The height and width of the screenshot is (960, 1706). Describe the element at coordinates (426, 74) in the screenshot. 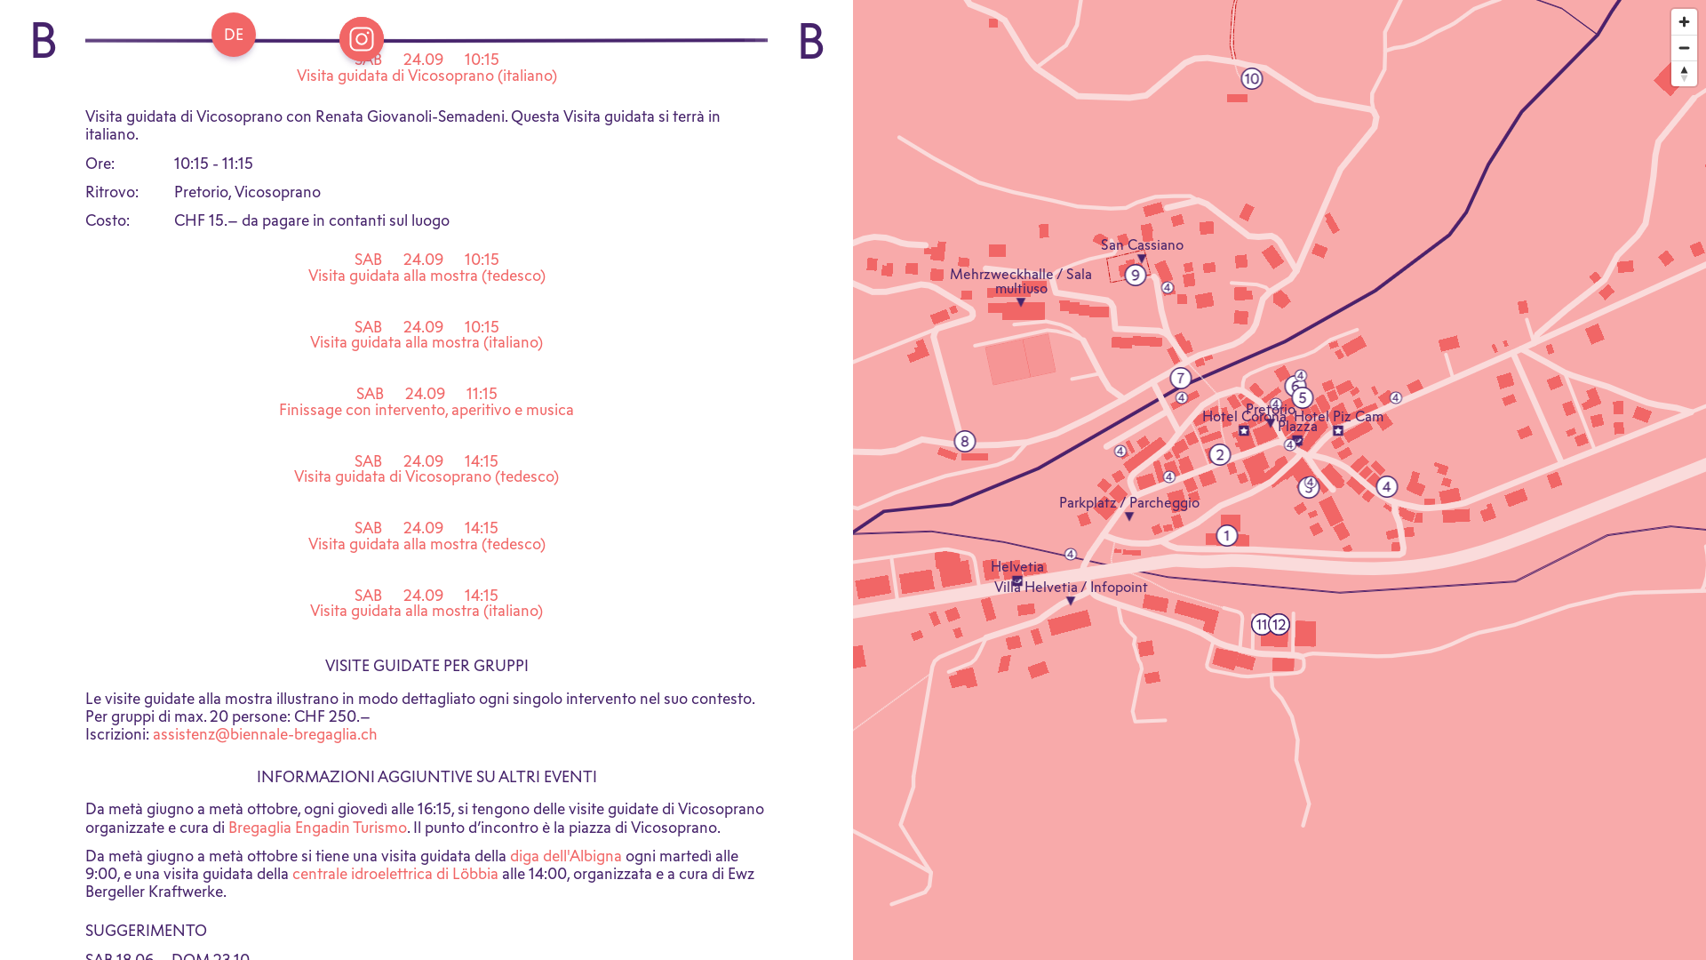

I see `'SAB24.0910:15` at that location.